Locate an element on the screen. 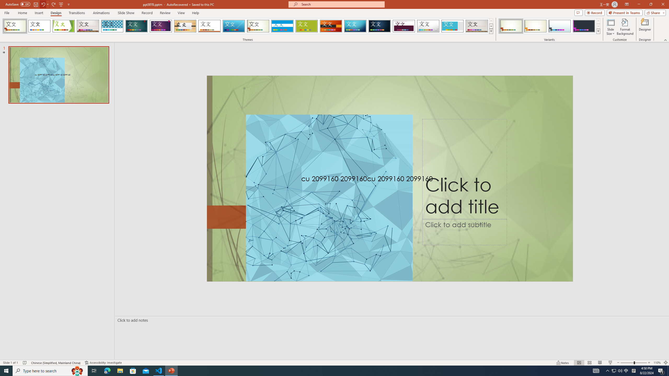 This screenshot has width=669, height=376. 'Zoom 110%' is located at coordinates (657, 363).